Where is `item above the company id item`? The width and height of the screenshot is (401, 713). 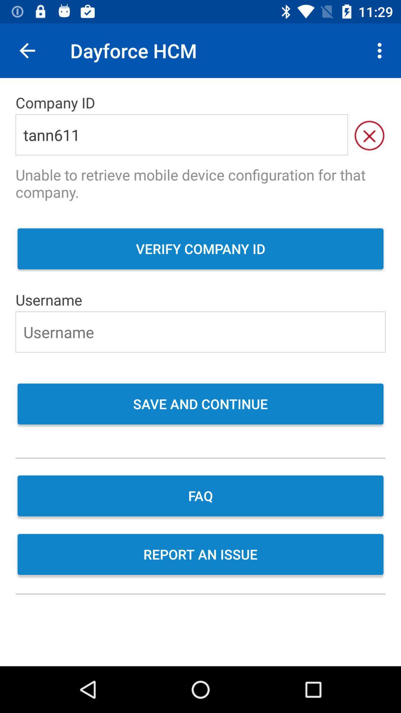
item above the company id item is located at coordinates (381, 50).